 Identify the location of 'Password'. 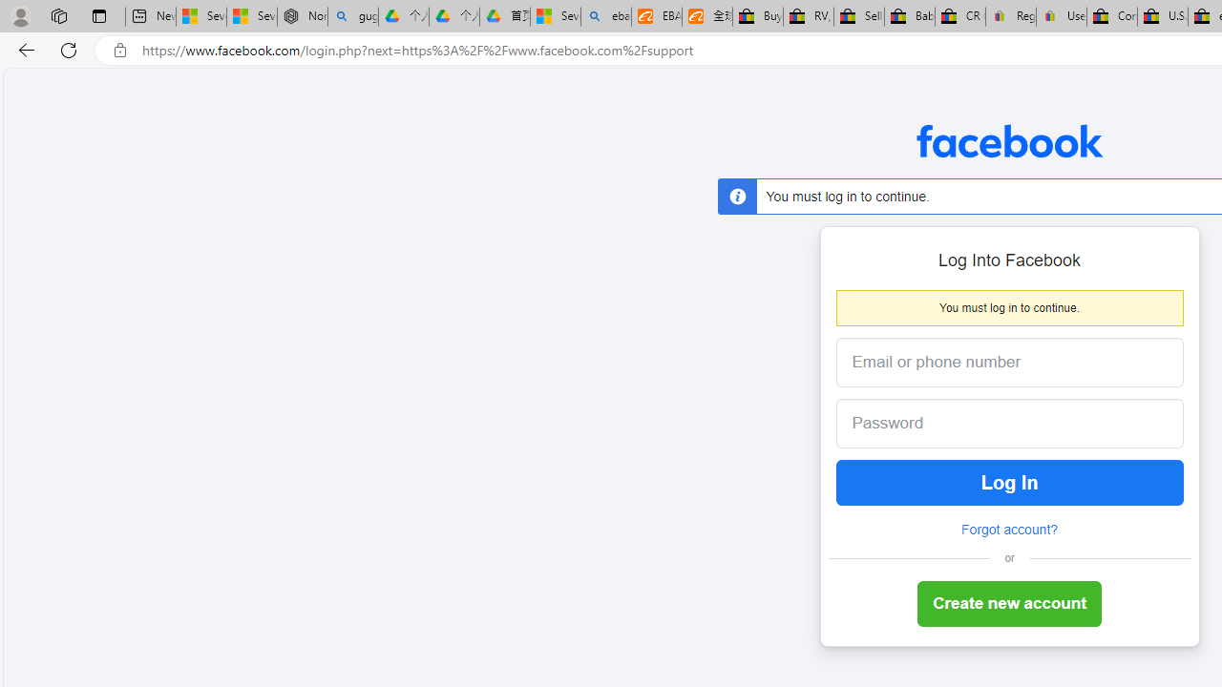
(994, 423).